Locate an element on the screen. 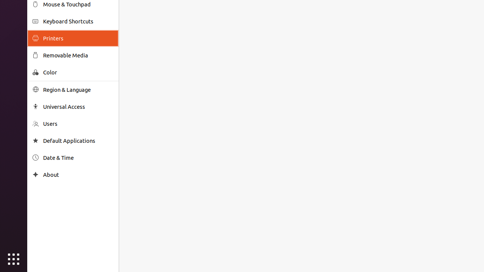  'Default Applications' is located at coordinates (78, 141).